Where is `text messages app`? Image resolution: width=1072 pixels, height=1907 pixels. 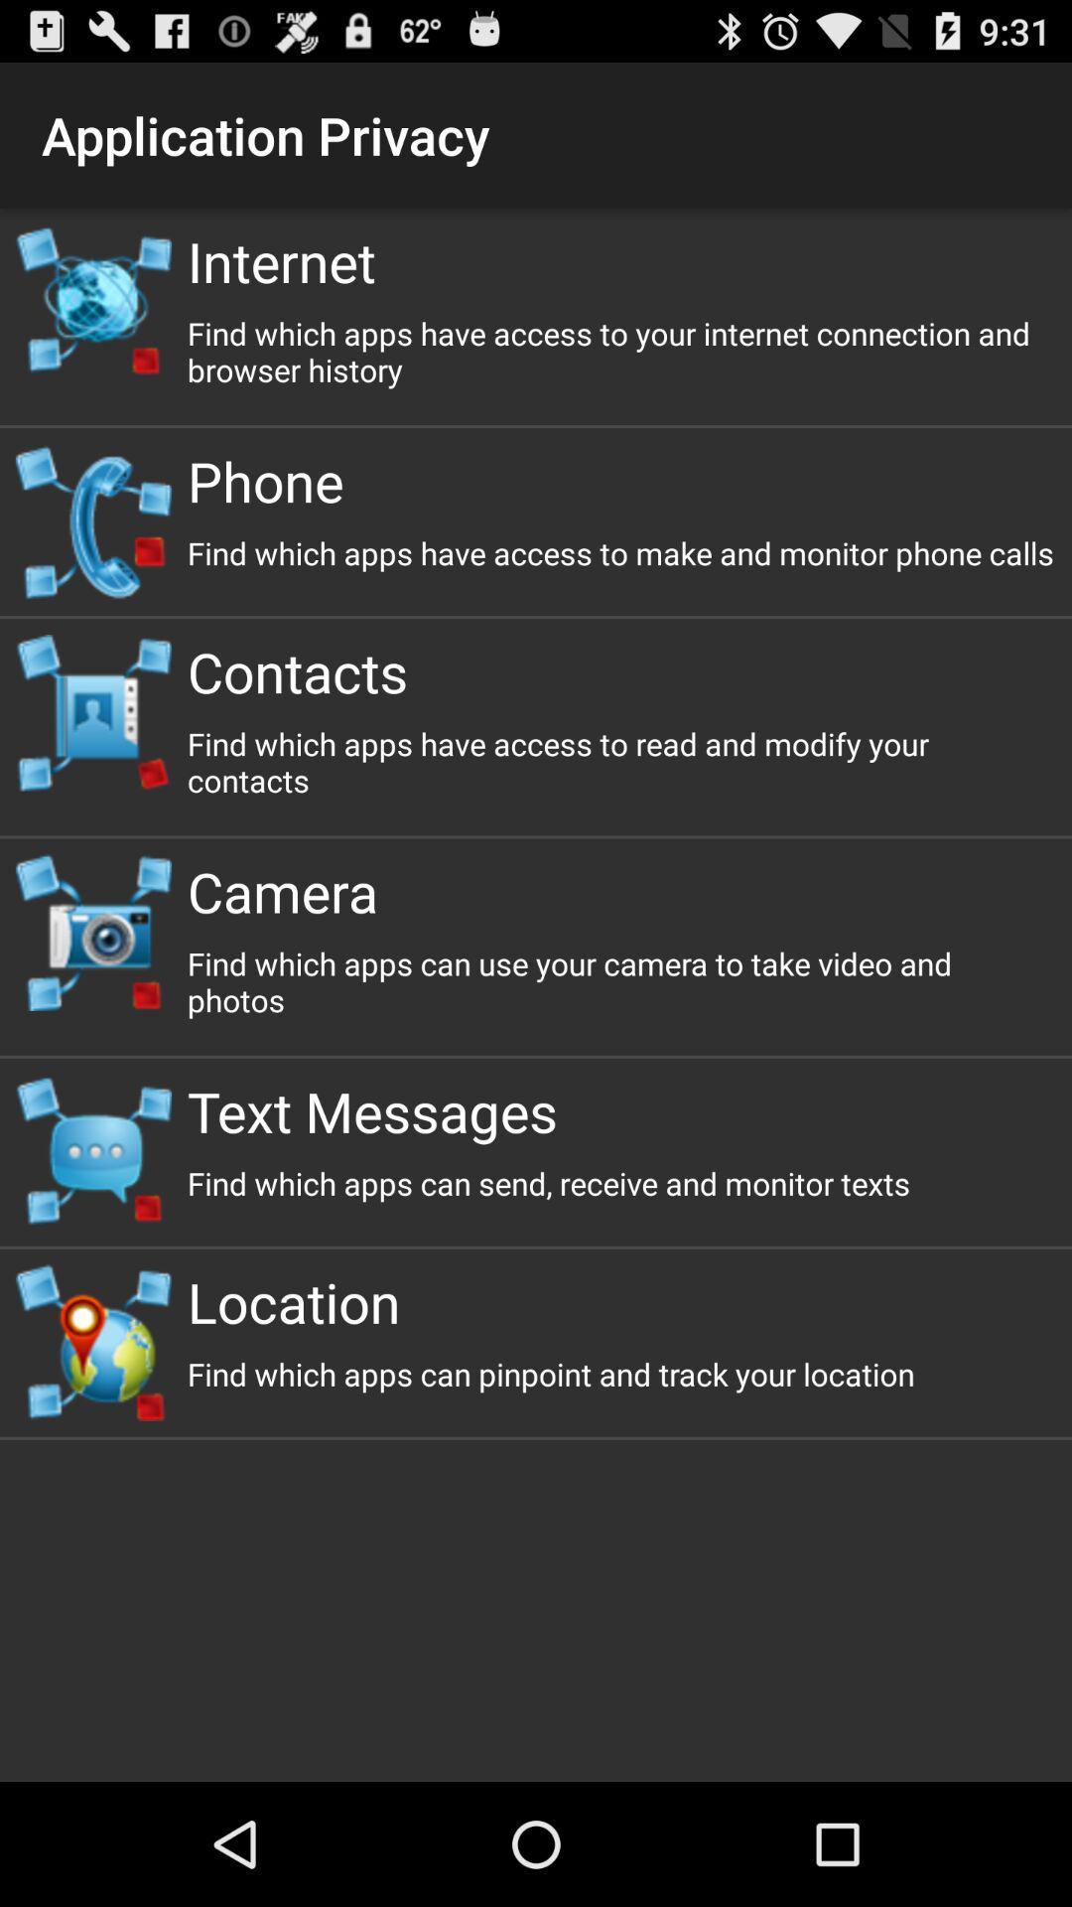
text messages app is located at coordinates (620, 1109).